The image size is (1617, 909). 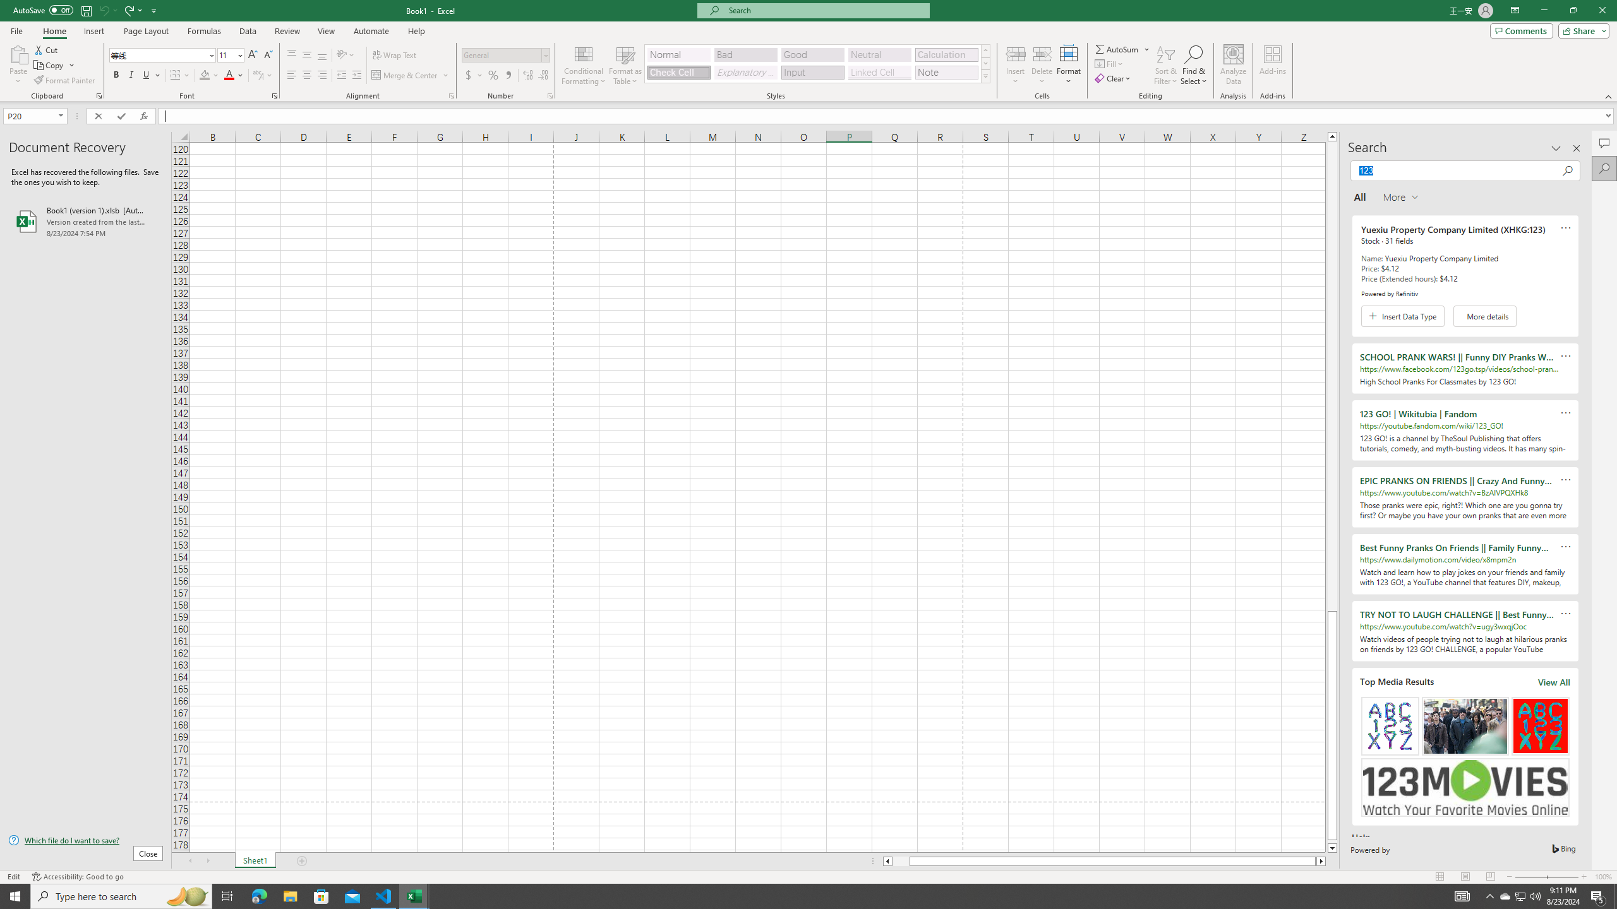 What do you see at coordinates (468, 74) in the screenshot?
I see `'Accounting Number Format'` at bounding box center [468, 74].